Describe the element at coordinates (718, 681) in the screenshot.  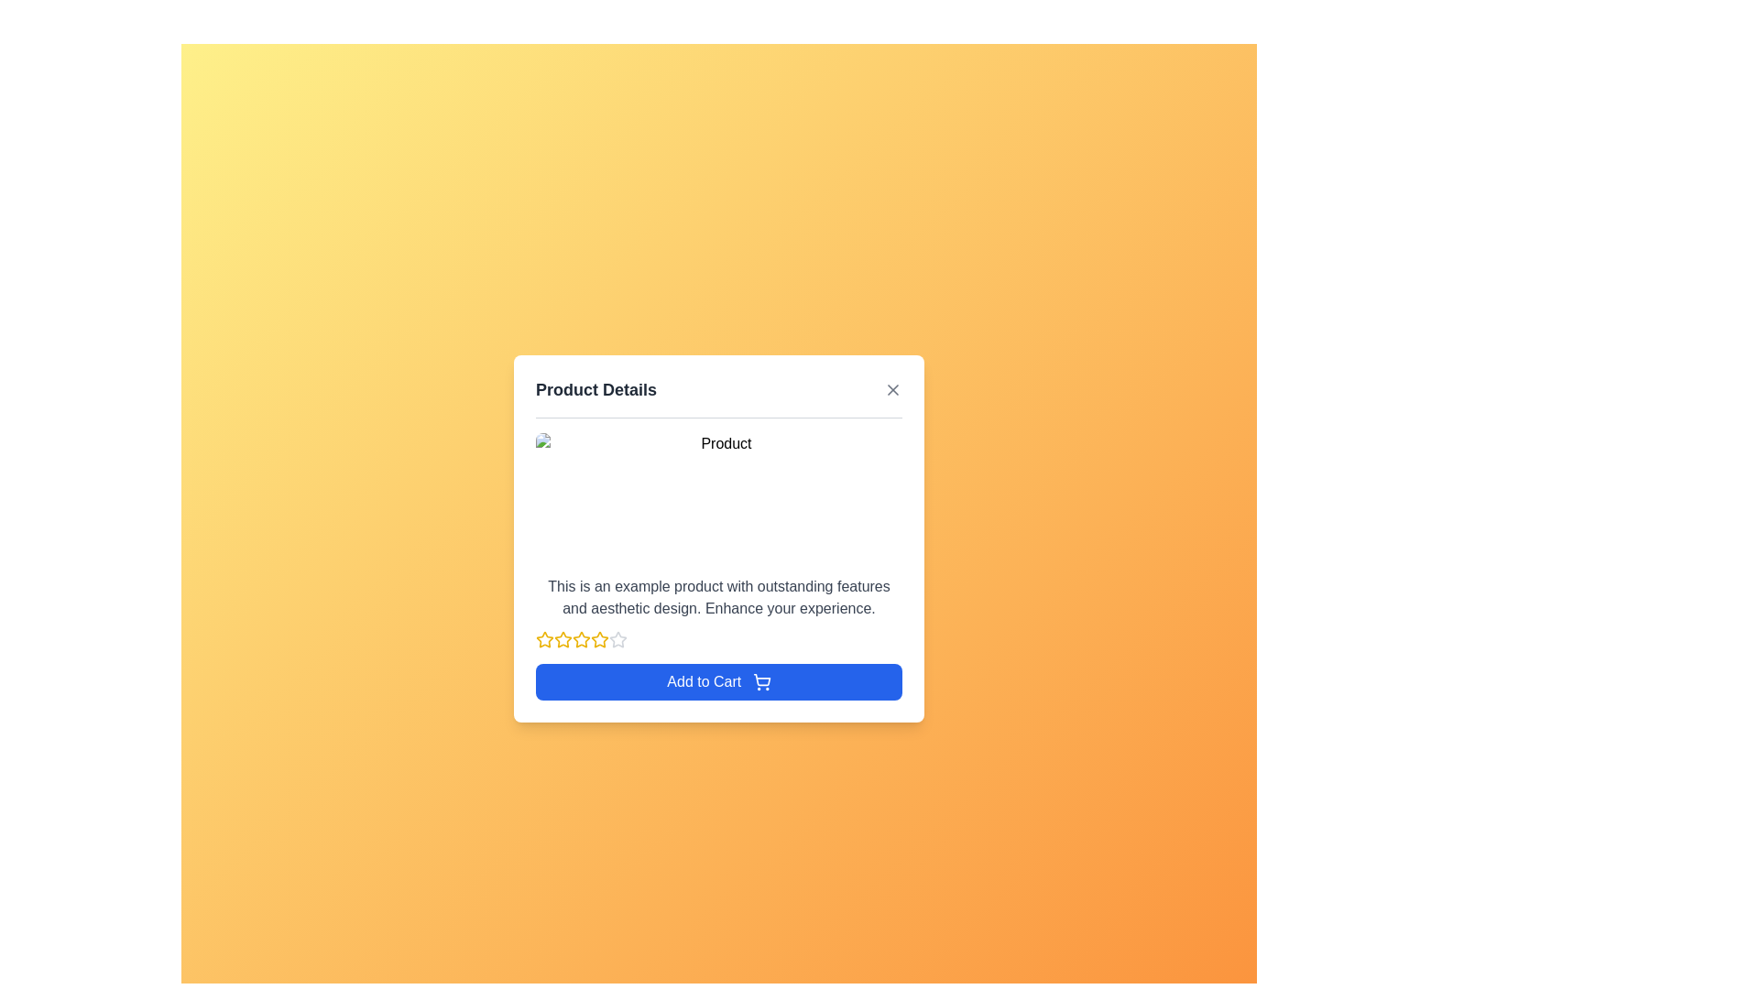
I see `the 'Add to Cart' button with a blue background and shopping cart icon` at that location.